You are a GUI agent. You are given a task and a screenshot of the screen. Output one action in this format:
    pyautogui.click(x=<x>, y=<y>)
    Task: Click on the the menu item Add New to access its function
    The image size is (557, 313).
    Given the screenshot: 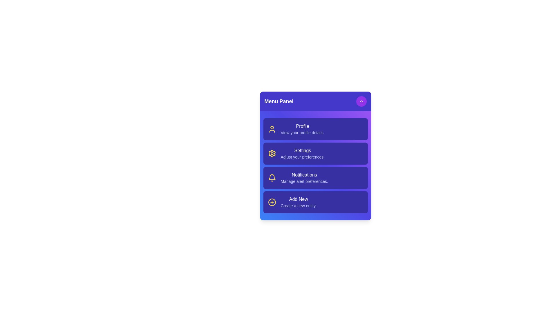 What is the action you would take?
    pyautogui.click(x=315, y=202)
    